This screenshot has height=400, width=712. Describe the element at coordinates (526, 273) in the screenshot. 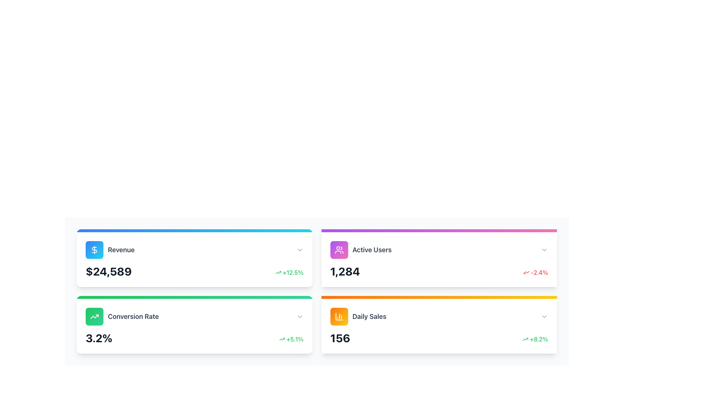

I see `the icon that visually represents a negative trend associated with the '-2.4%' percentage displayed, located in the upper right section of the group and to the left of the percentage text` at that location.